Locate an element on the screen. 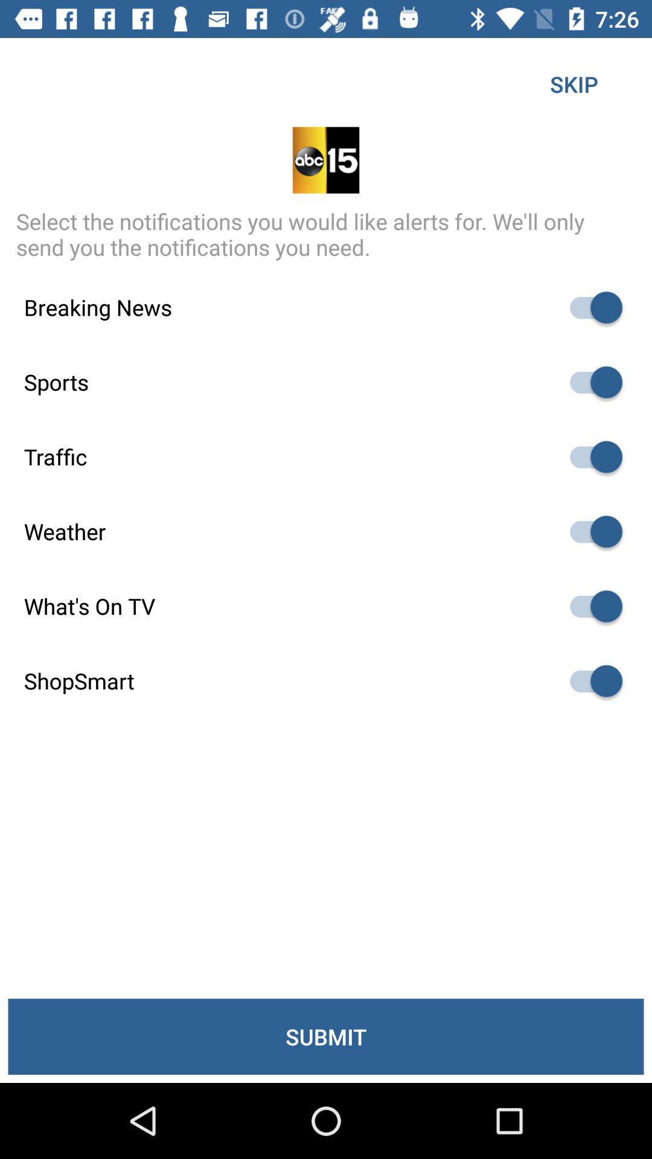  notification option is located at coordinates (590, 307).